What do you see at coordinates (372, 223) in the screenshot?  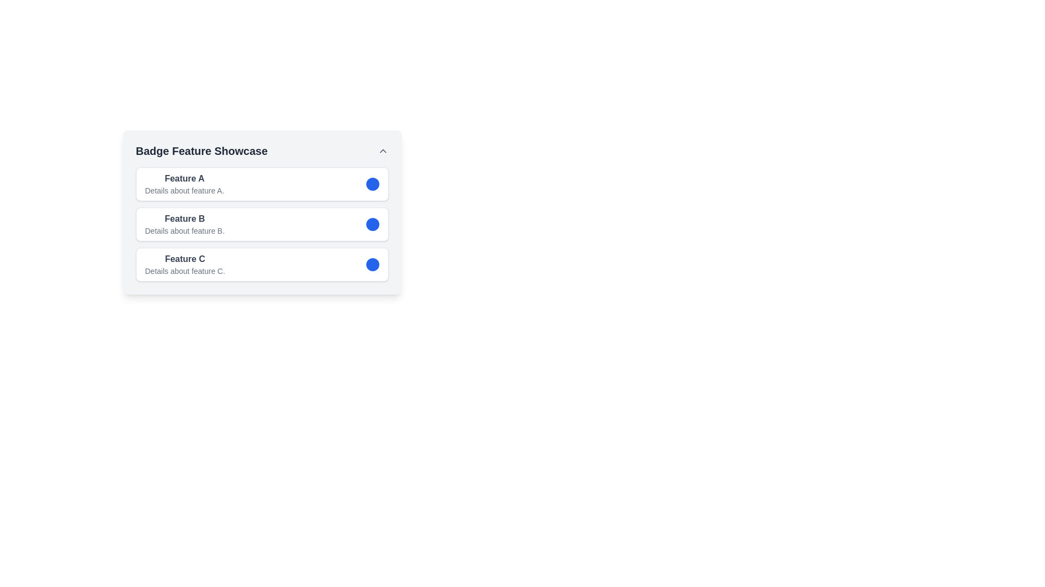 I see `the Status badge indicating the active status of 'Feature B,' located at the far right of the 'Feature B Details about feature B' section` at bounding box center [372, 223].